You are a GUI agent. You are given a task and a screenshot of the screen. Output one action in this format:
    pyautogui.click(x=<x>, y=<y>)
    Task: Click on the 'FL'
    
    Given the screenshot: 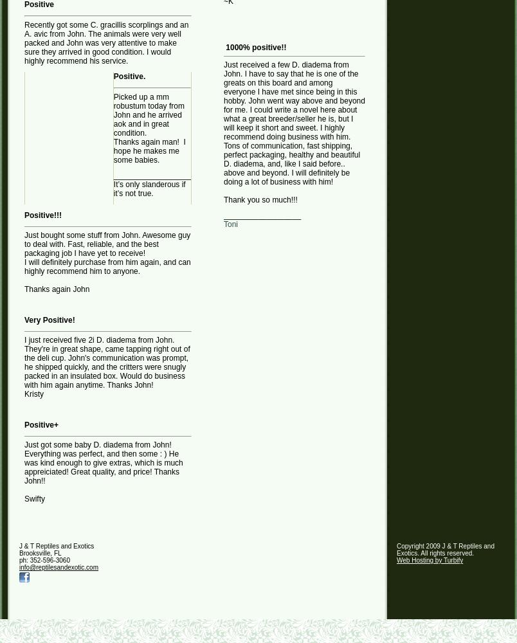 What is the action you would take?
    pyautogui.click(x=57, y=552)
    